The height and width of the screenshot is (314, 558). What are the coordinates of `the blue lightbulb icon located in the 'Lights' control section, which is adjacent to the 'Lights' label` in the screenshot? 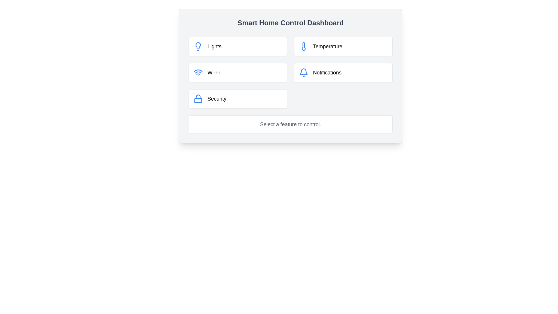 It's located at (198, 46).